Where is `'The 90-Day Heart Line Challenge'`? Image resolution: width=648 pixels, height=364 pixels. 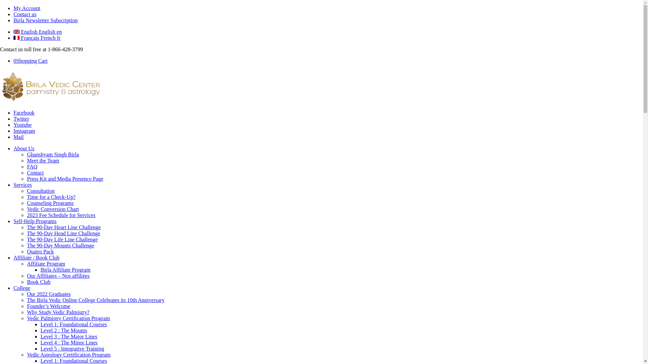
'The 90-Day Heart Line Challenge' is located at coordinates (27, 227).